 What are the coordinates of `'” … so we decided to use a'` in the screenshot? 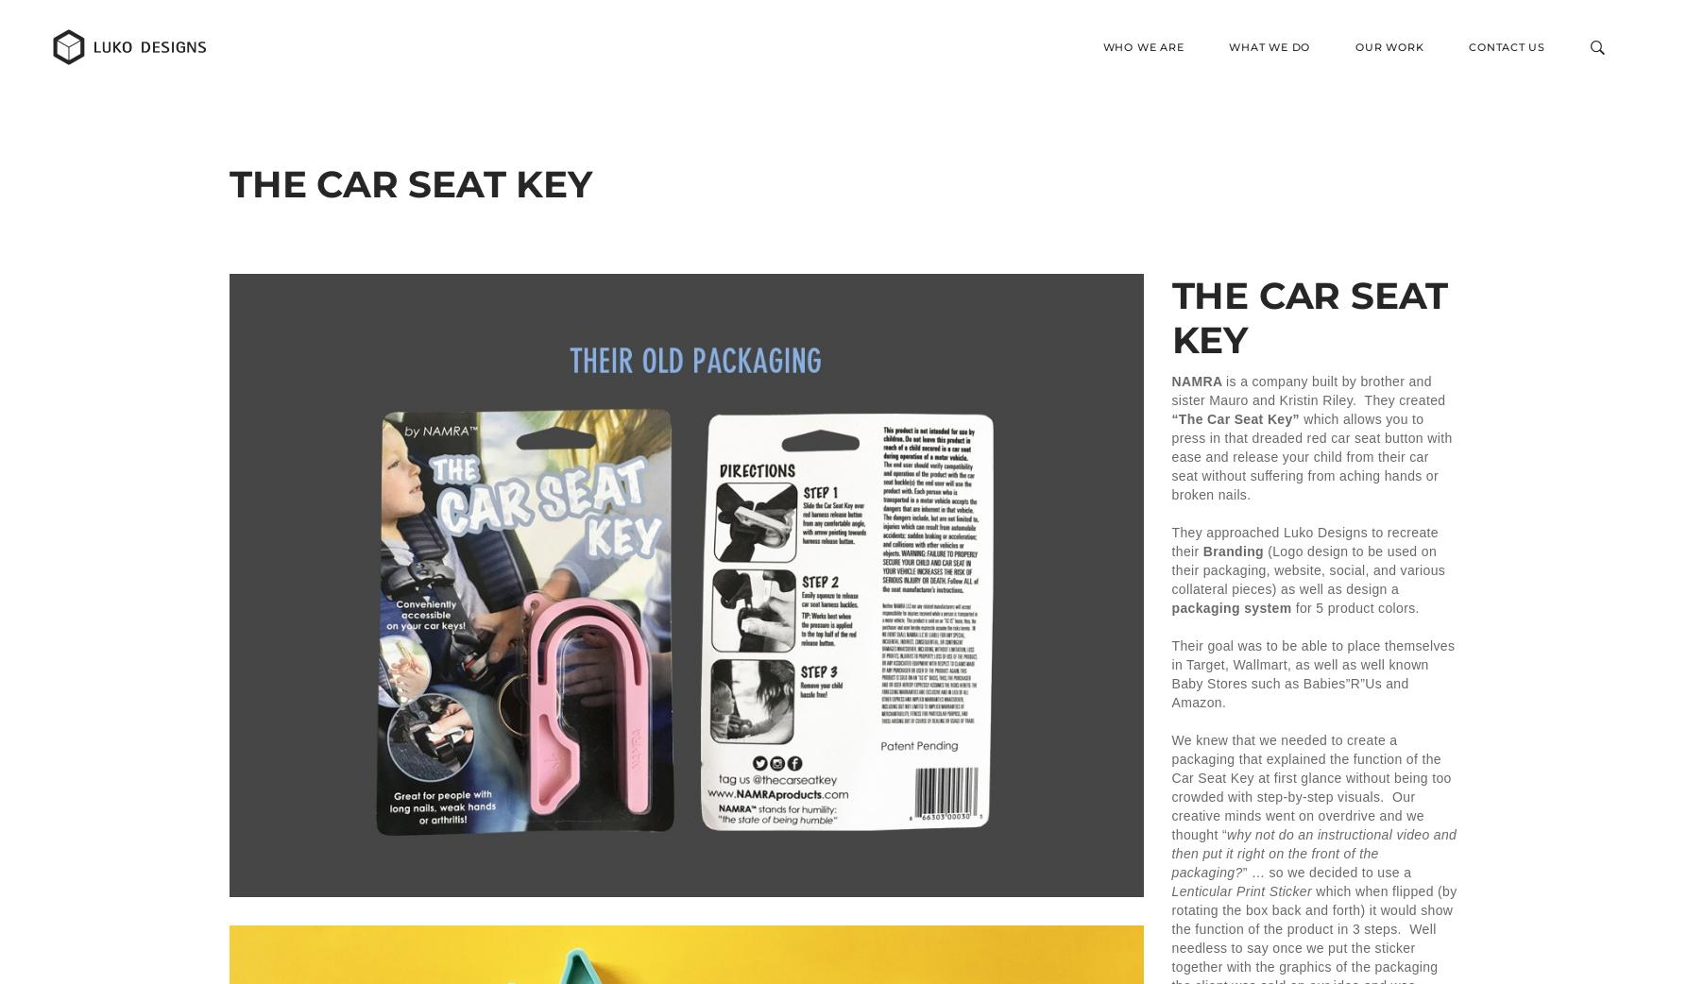 It's located at (1325, 871).